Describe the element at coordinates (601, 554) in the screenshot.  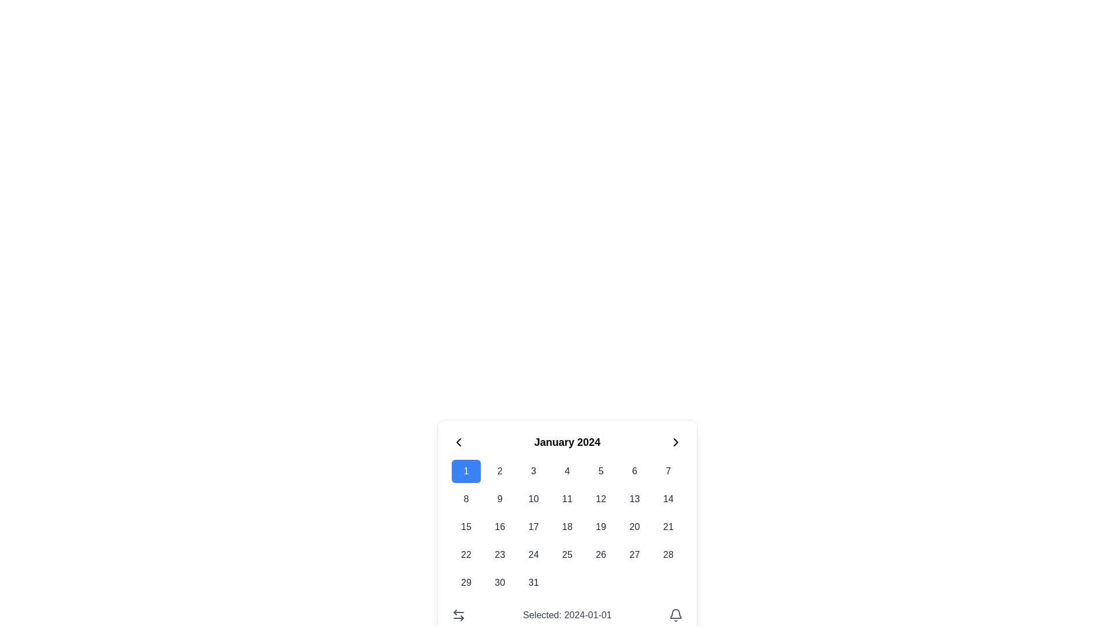
I see `the calendar date button displaying the number '26'` at that location.